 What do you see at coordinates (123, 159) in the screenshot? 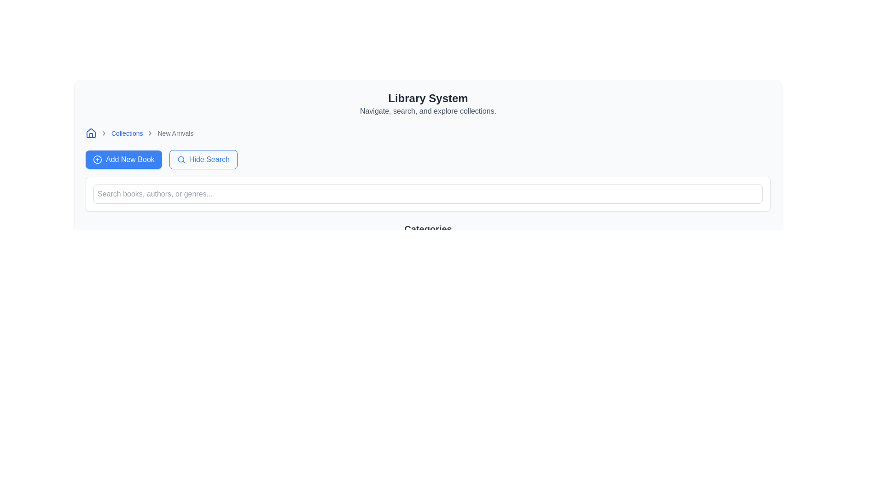
I see `the blue rectangular button labeled 'Add New Book'` at bounding box center [123, 159].